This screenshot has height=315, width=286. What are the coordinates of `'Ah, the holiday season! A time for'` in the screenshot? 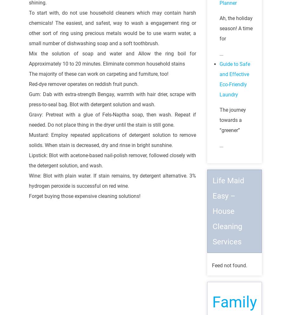 It's located at (236, 28).